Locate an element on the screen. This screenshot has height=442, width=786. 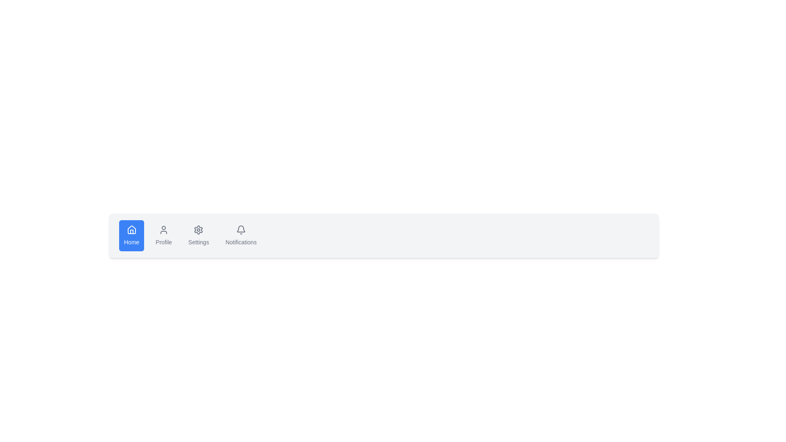
the house-shaped icon located at the top center of the 'Home' section is located at coordinates (131, 230).